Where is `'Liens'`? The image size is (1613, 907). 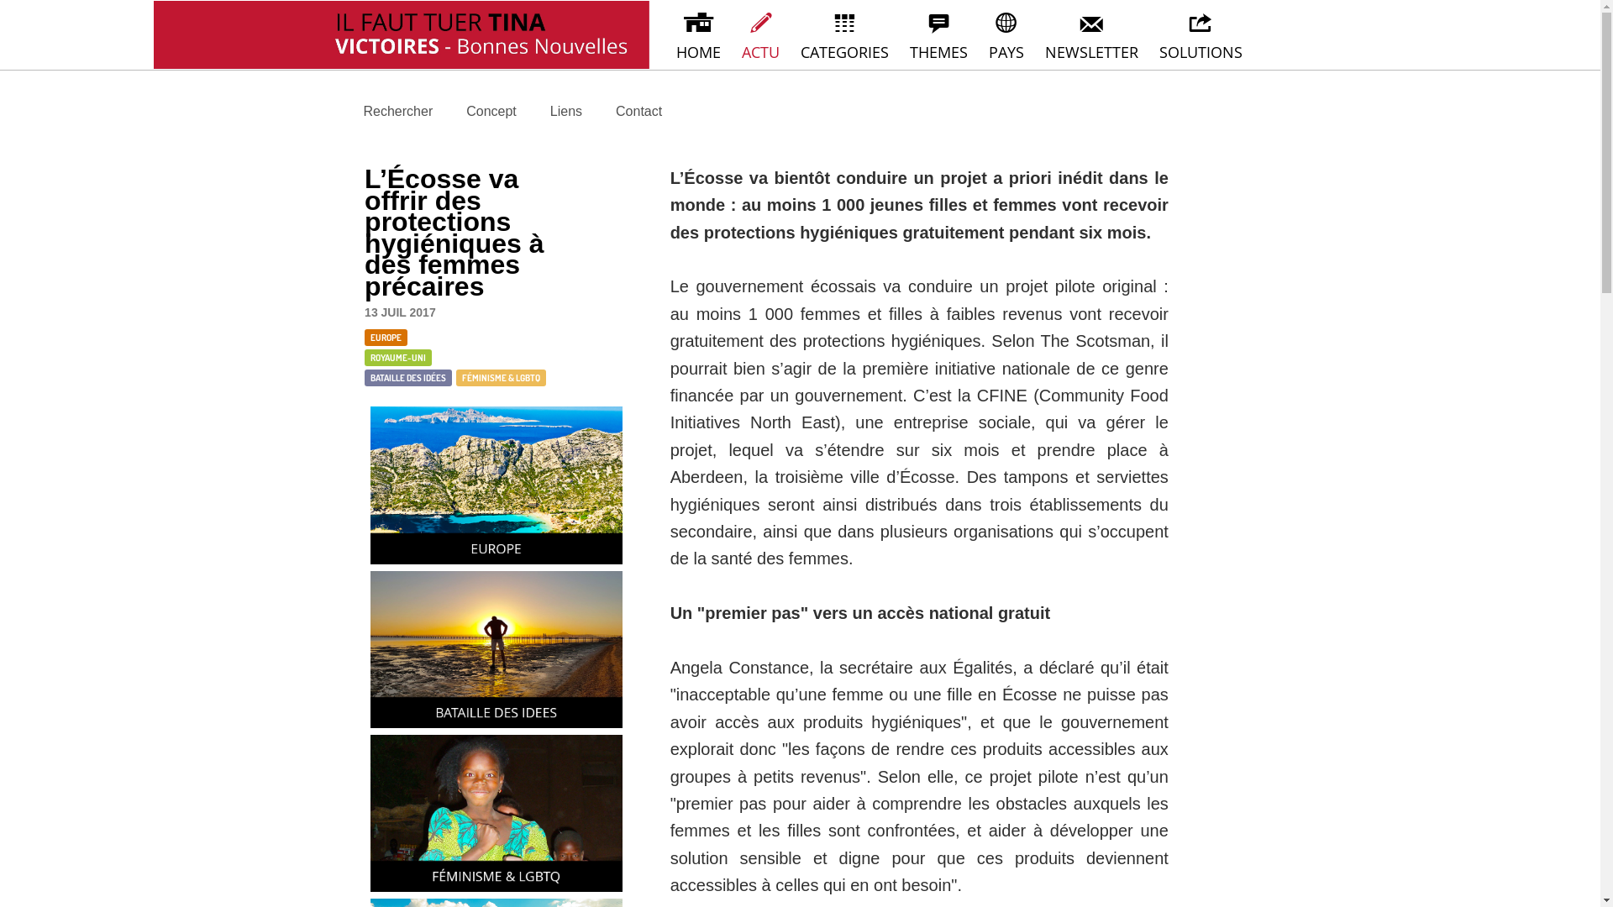
'Liens' is located at coordinates (549, 111).